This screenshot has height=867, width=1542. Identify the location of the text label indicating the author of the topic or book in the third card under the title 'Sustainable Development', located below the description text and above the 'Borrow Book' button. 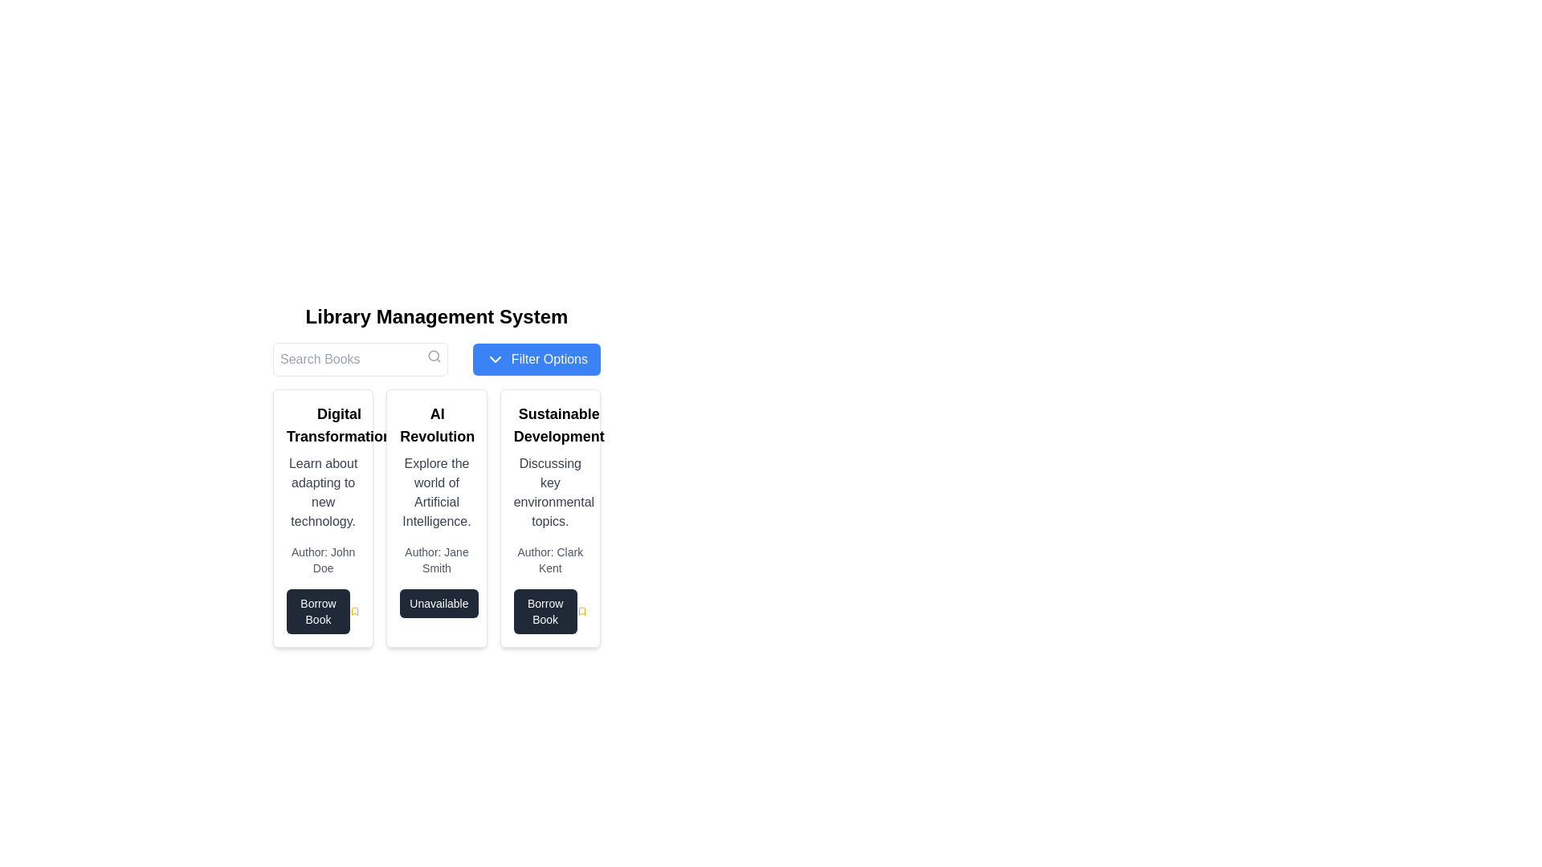
(550, 560).